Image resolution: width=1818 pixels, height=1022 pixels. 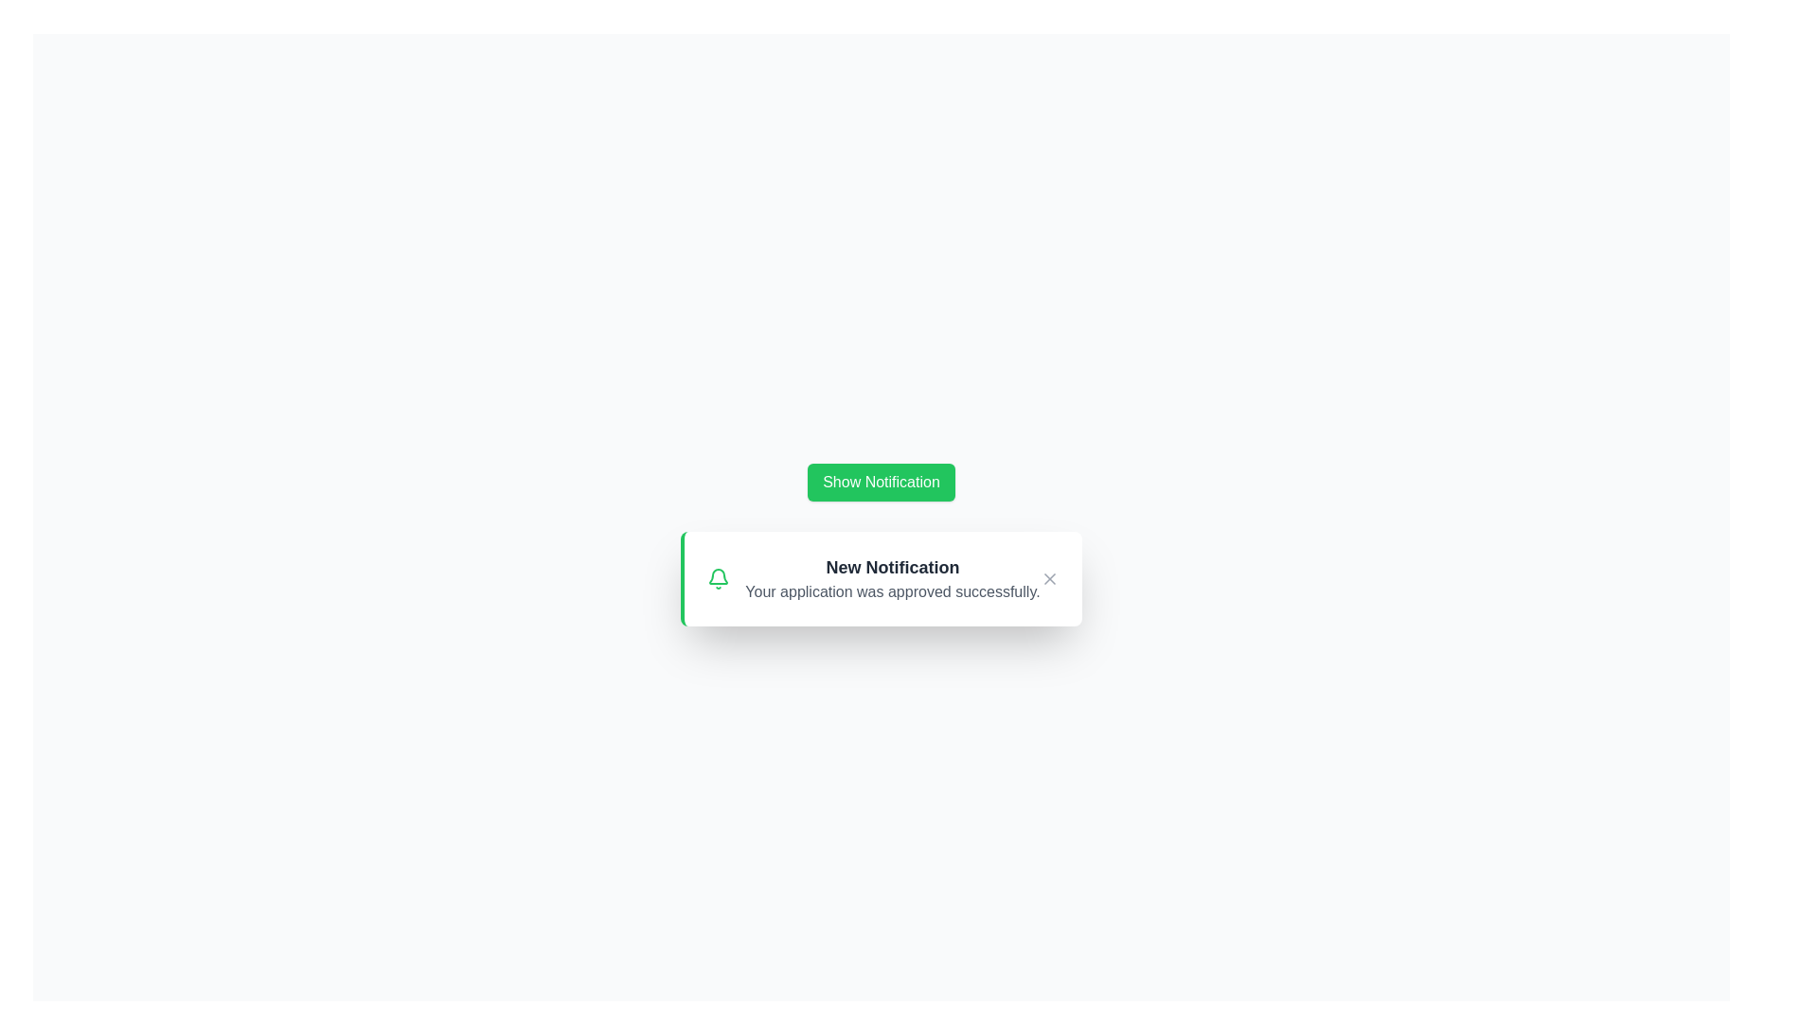 I want to click on text content of the notification indicating the successful approval of the user's application, which is positioned as the second line beneath the title 'New Notification', so click(x=891, y=590).